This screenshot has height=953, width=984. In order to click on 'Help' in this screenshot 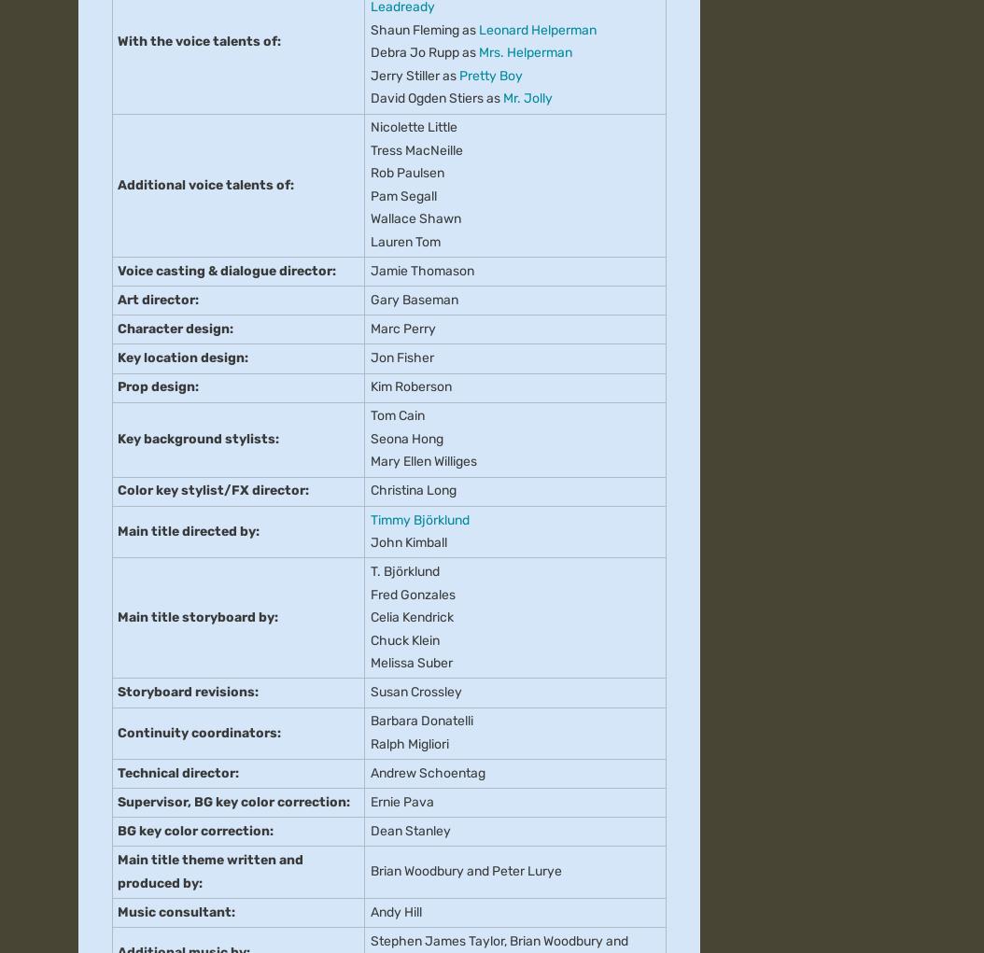, I will do `click(416, 372)`.